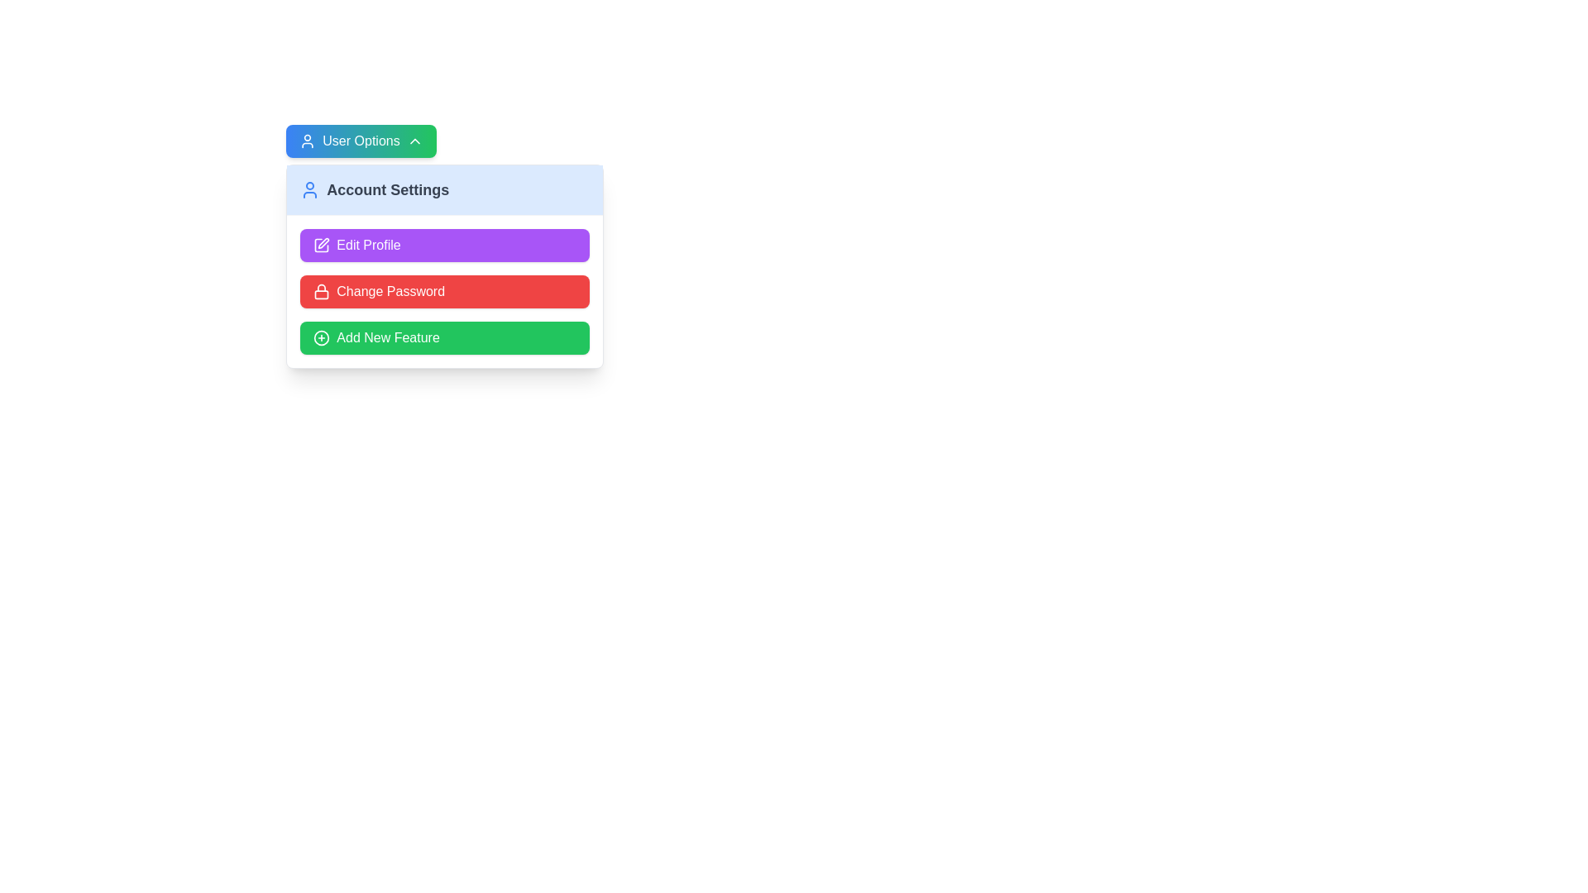 This screenshot has height=893, width=1588. Describe the element at coordinates (360, 140) in the screenshot. I see `the button that toggles the visibility of additional user options` at that location.